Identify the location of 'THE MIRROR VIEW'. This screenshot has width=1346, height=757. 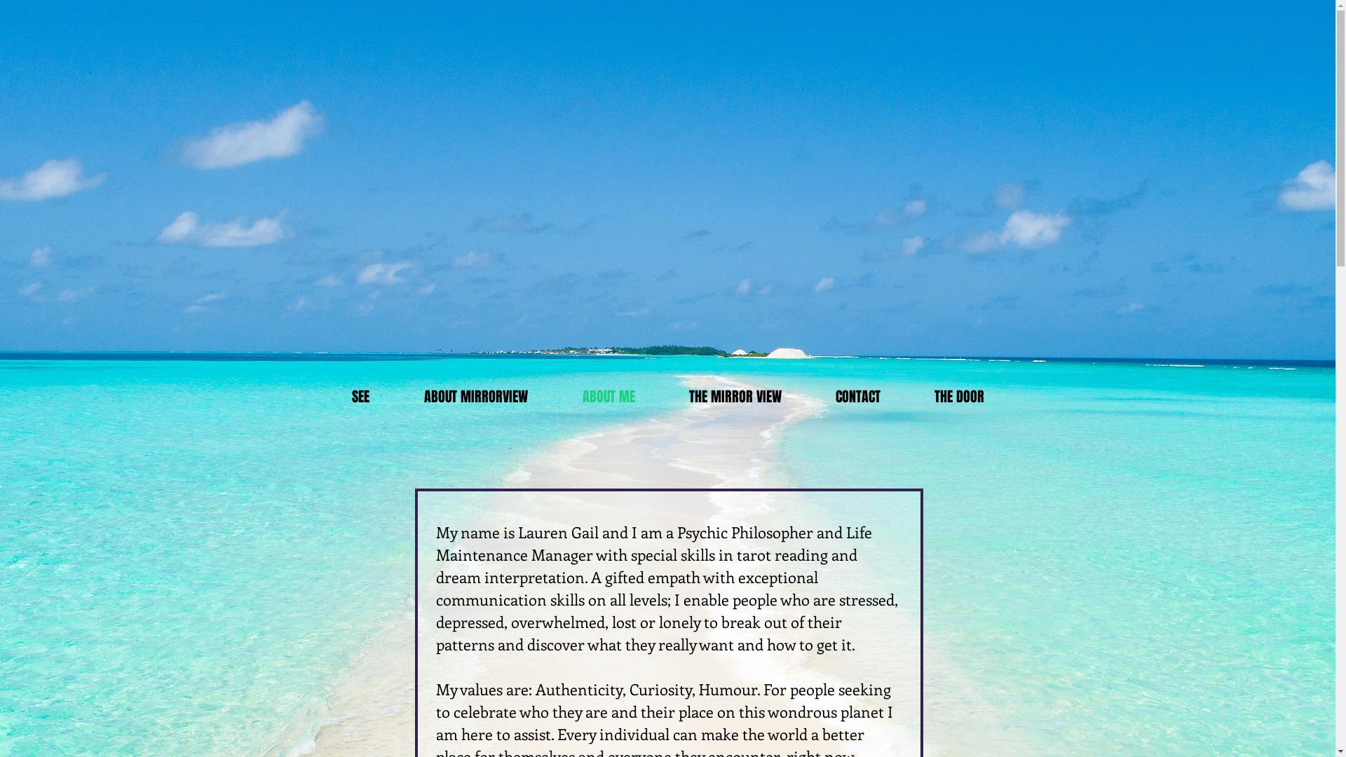
(661, 397).